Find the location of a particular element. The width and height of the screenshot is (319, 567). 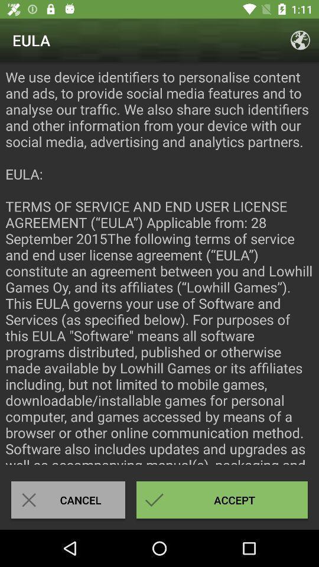

item at the bottom right corner is located at coordinates (222, 499).